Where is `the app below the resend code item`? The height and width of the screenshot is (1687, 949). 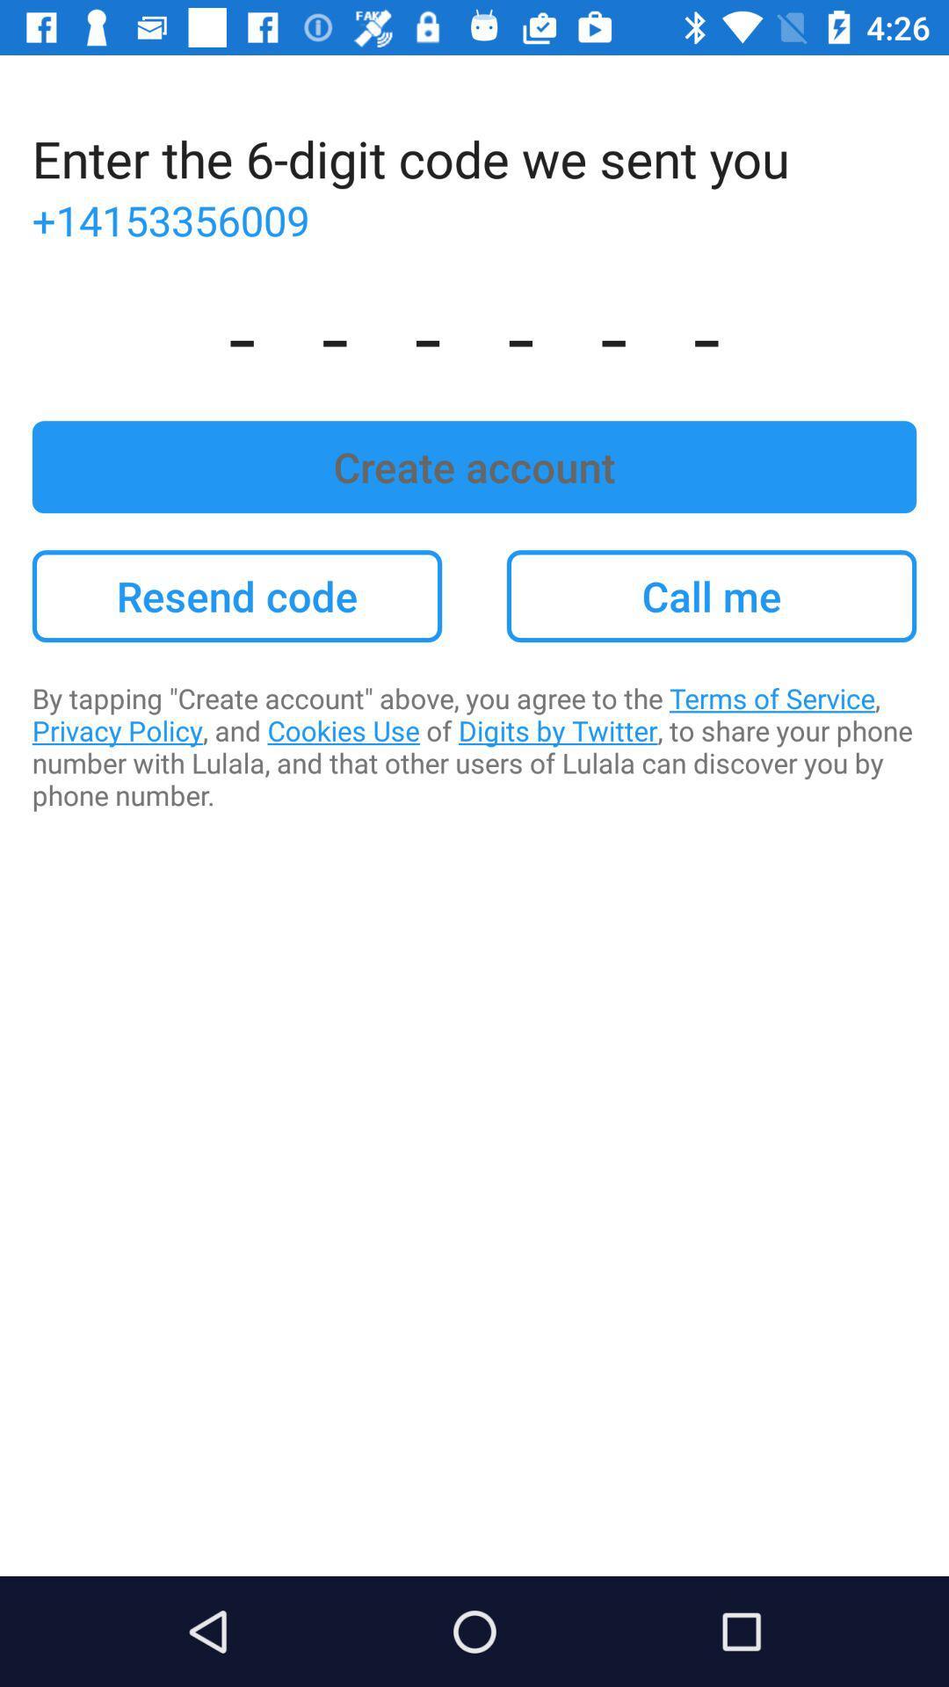
the app below the resend code item is located at coordinates (474, 746).